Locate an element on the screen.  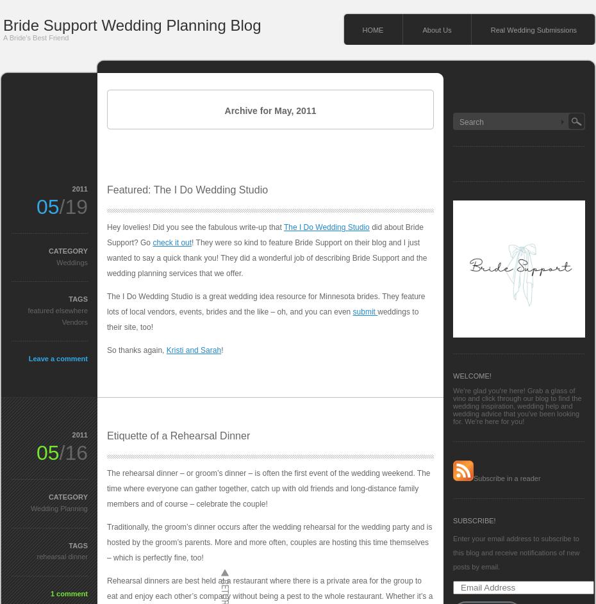
'/19' is located at coordinates (73, 206).